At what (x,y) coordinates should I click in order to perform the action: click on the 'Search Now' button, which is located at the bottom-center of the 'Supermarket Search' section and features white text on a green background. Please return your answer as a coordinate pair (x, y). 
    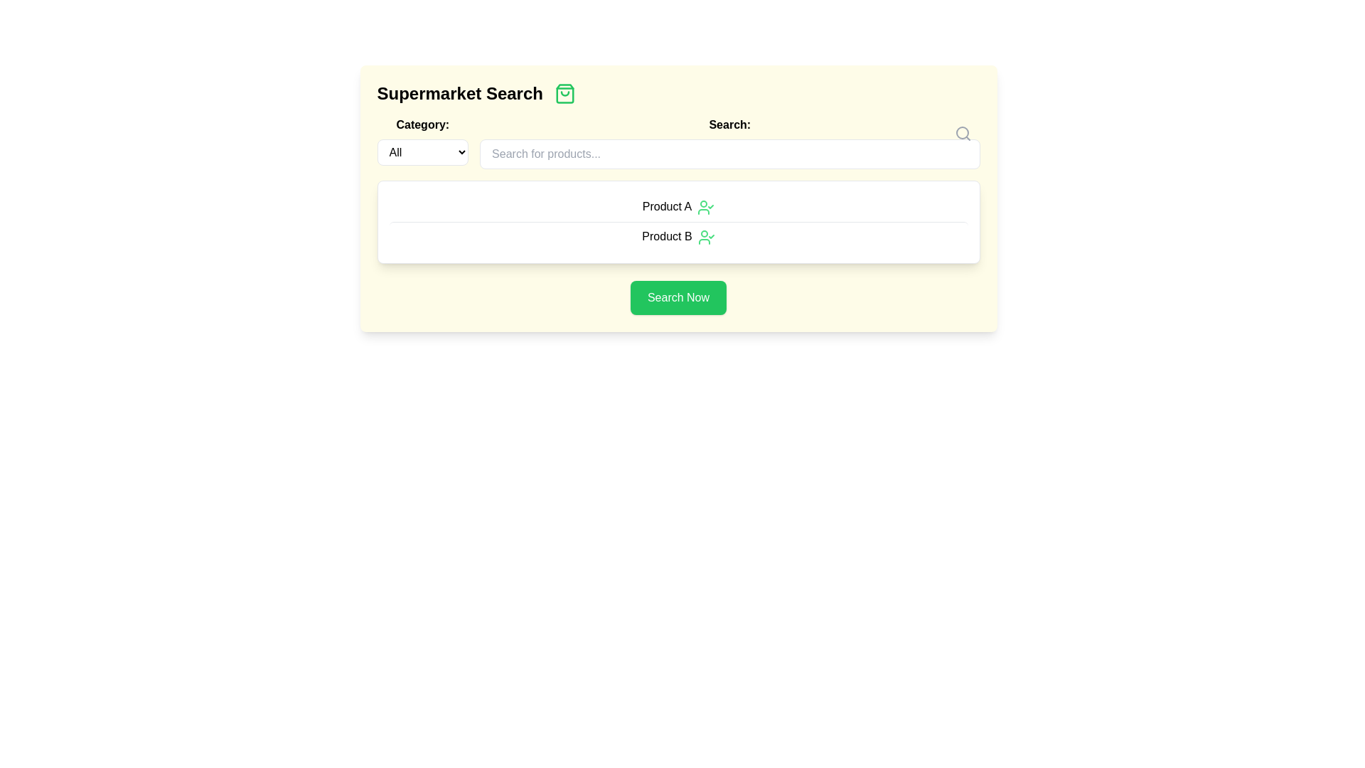
    Looking at the image, I should click on (678, 297).